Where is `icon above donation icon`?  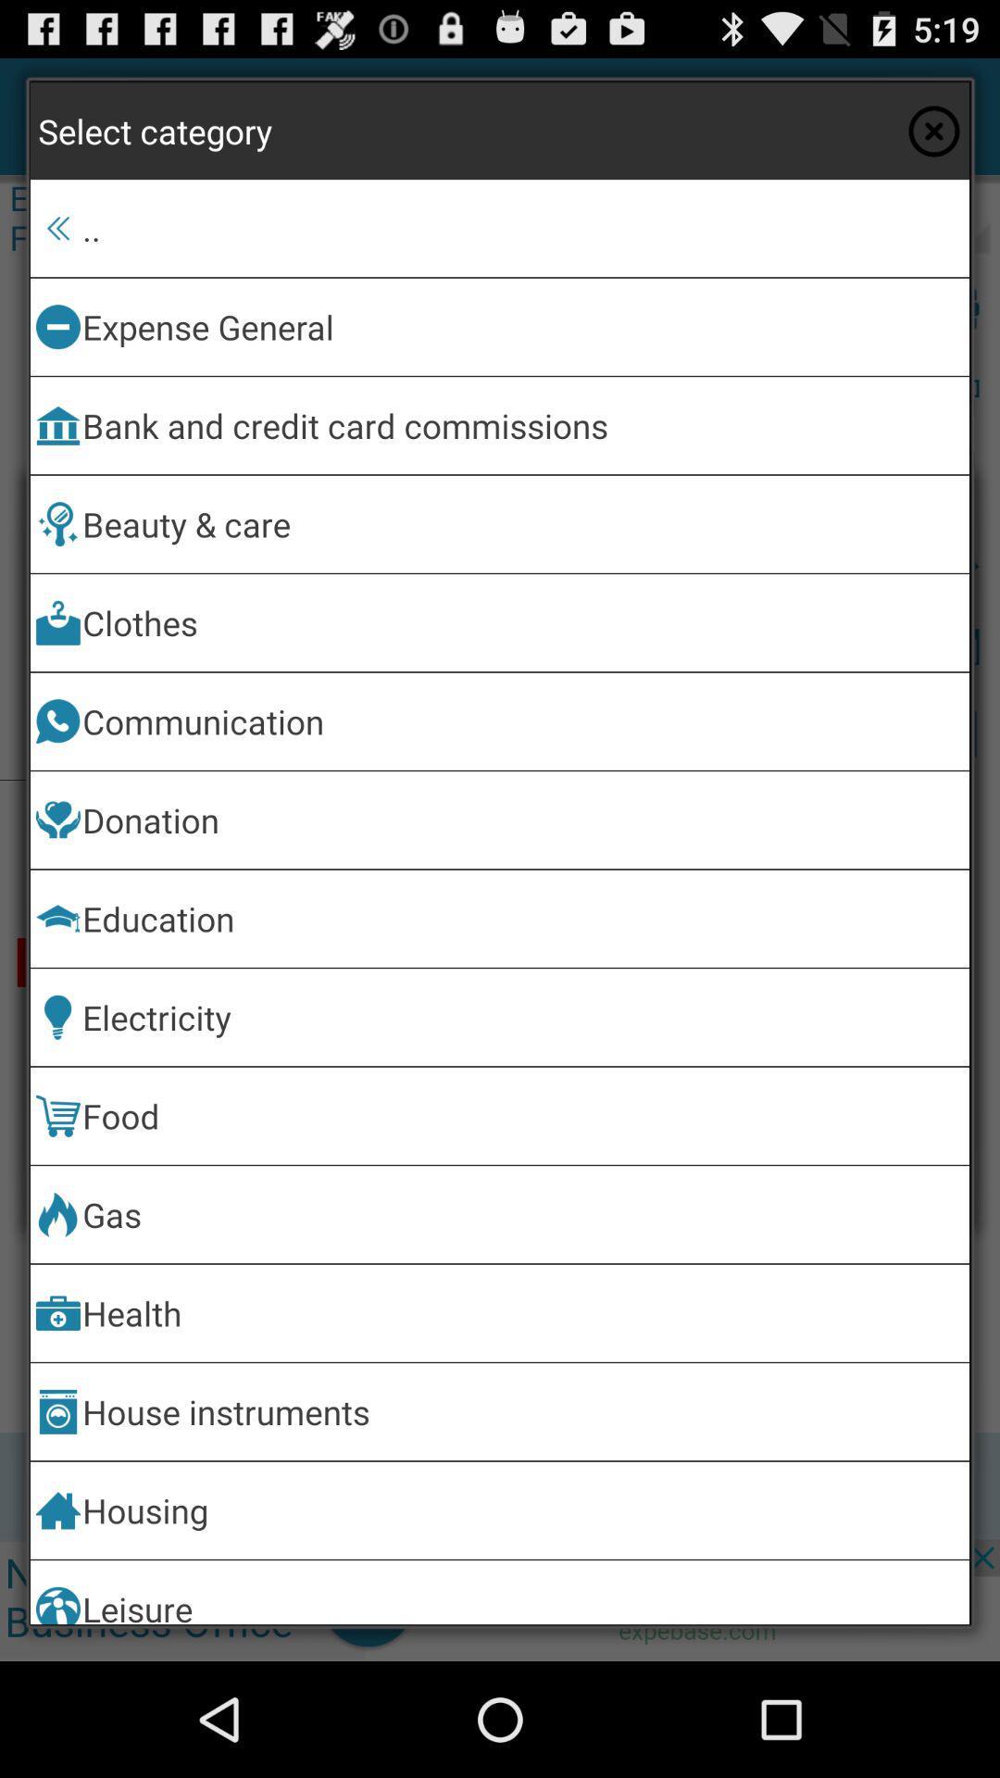 icon above donation icon is located at coordinates (522, 720).